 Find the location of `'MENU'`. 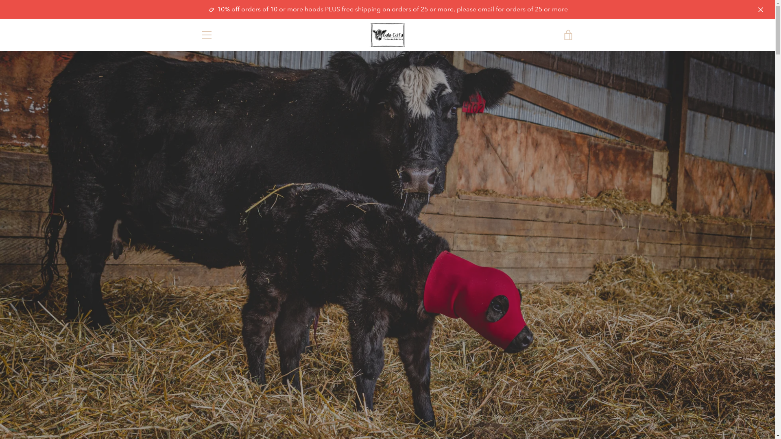

'MENU' is located at coordinates (206, 34).